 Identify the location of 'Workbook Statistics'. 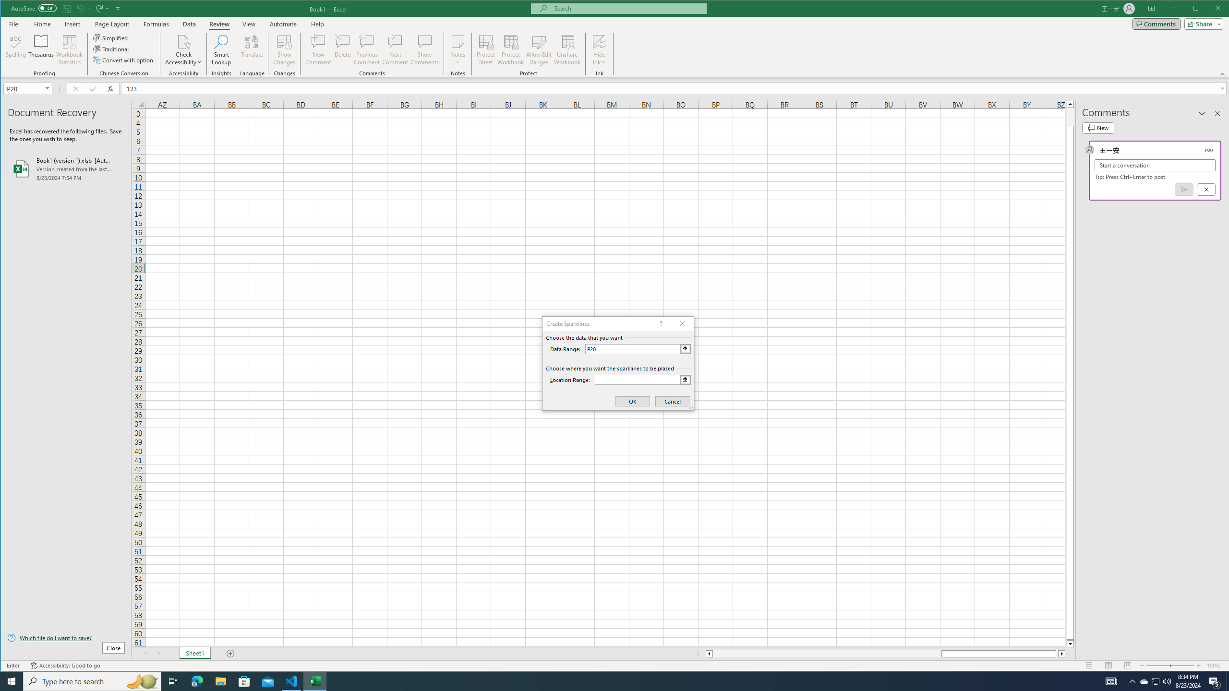
(69, 49).